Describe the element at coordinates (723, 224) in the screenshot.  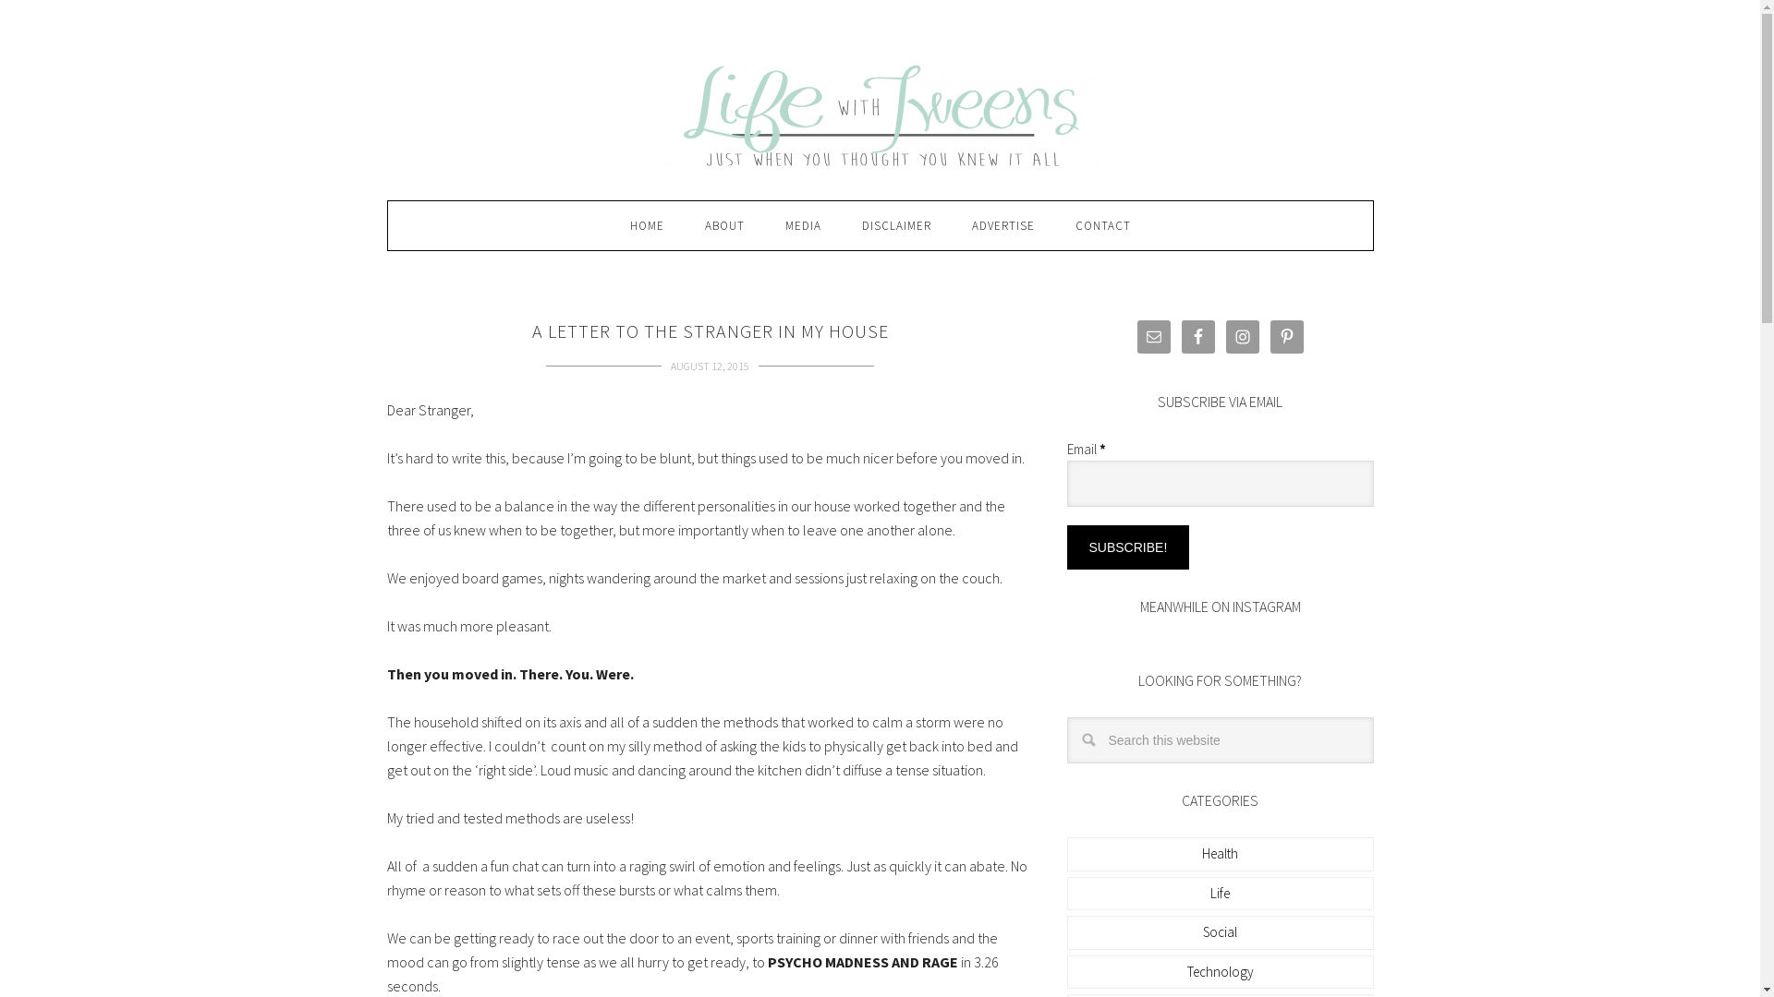
I see `'ABOUT'` at that location.